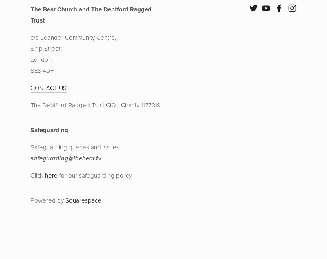 The image size is (327, 259). I want to click on 'CONTACT US', so click(31, 88).